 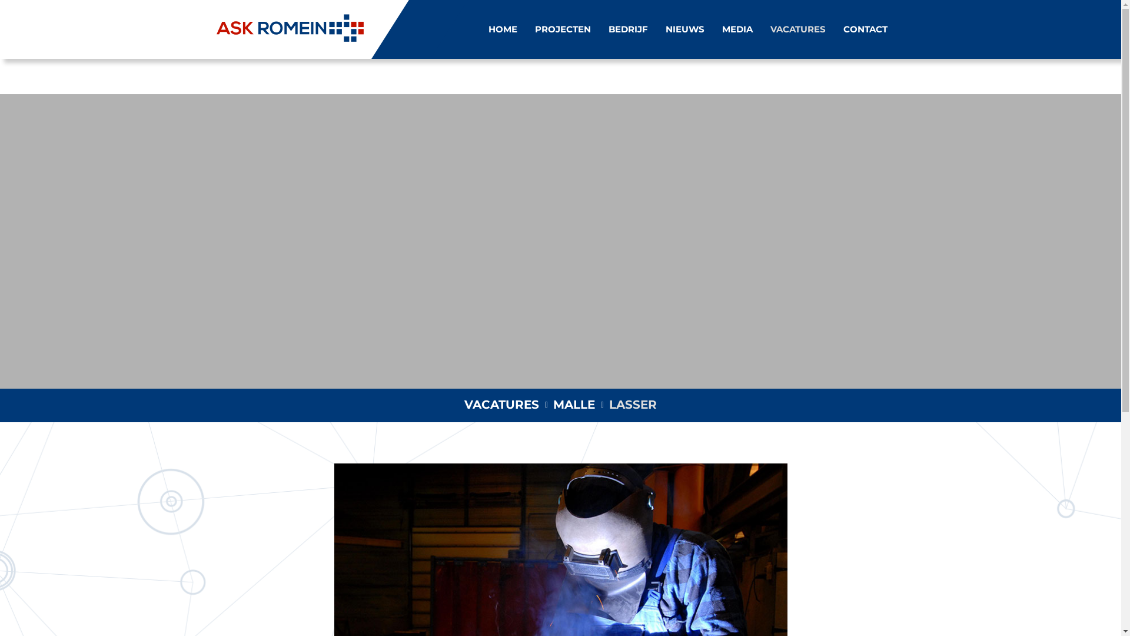 I want to click on 'MALLE', so click(x=574, y=403).